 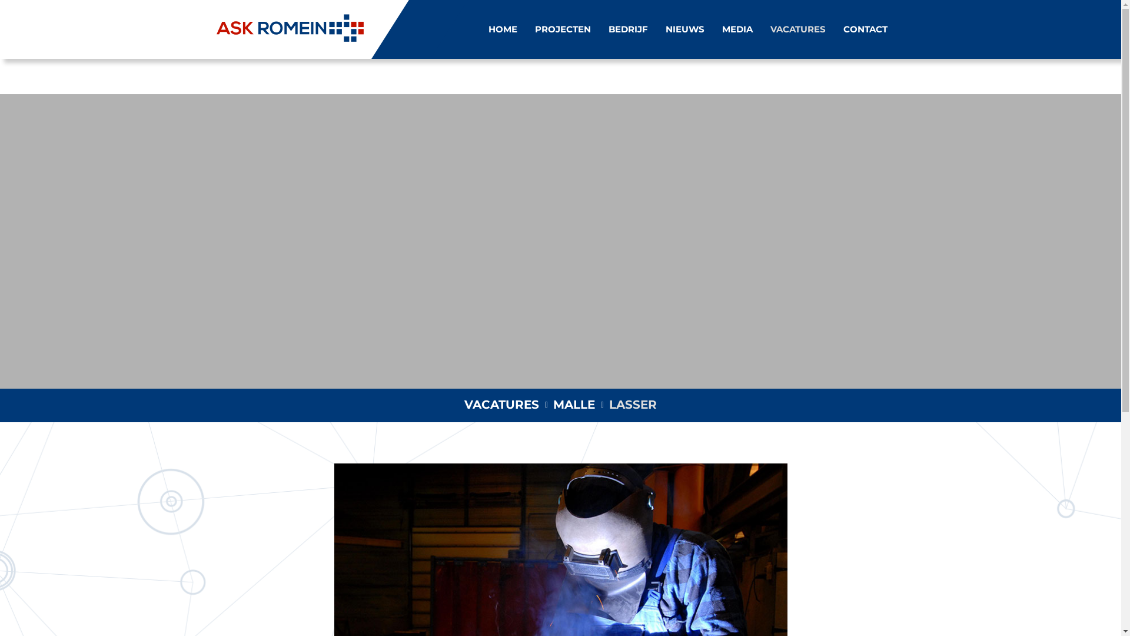 I want to click on 'MALLE', so click(x=574, y=403).